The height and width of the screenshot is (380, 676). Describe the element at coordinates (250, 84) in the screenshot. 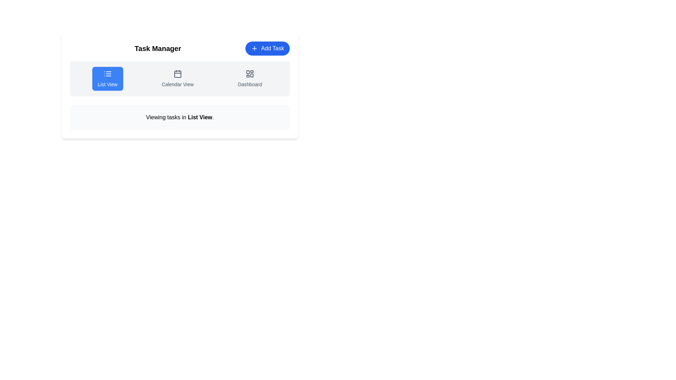

I see `text label 'Dashboard' which is styled with a smaller font size and located underneath the dashboard icon in the horizontal navigation section` at that location.